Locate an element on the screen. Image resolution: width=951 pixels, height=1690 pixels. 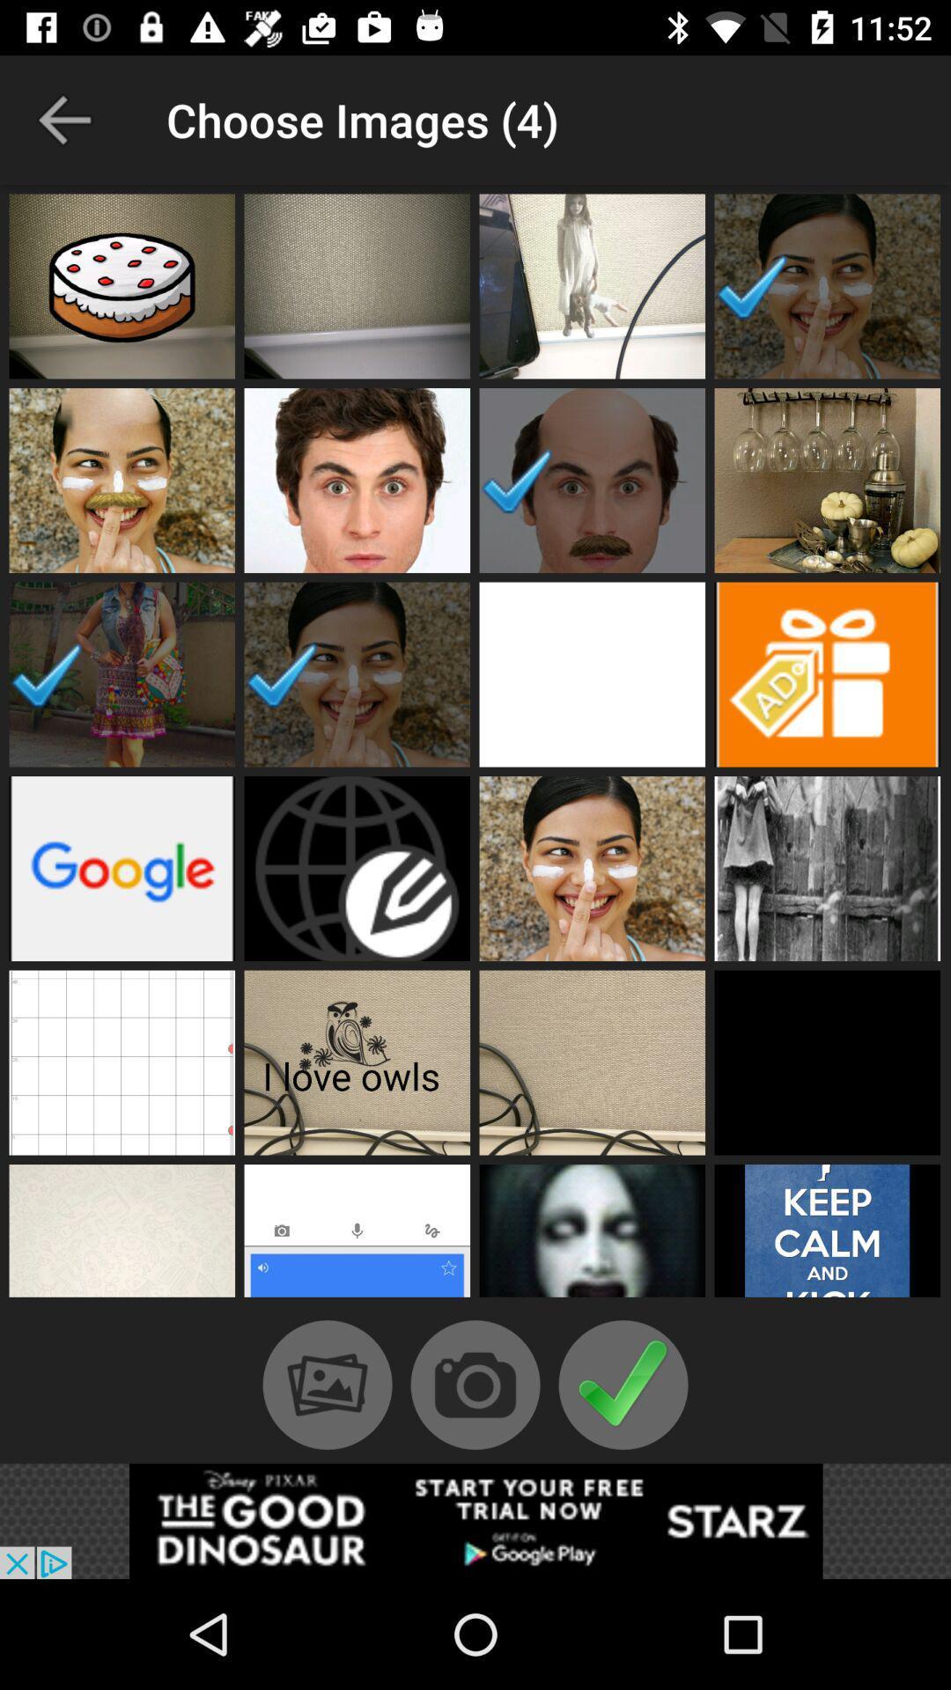
image square is located at coordinates (827, 481).